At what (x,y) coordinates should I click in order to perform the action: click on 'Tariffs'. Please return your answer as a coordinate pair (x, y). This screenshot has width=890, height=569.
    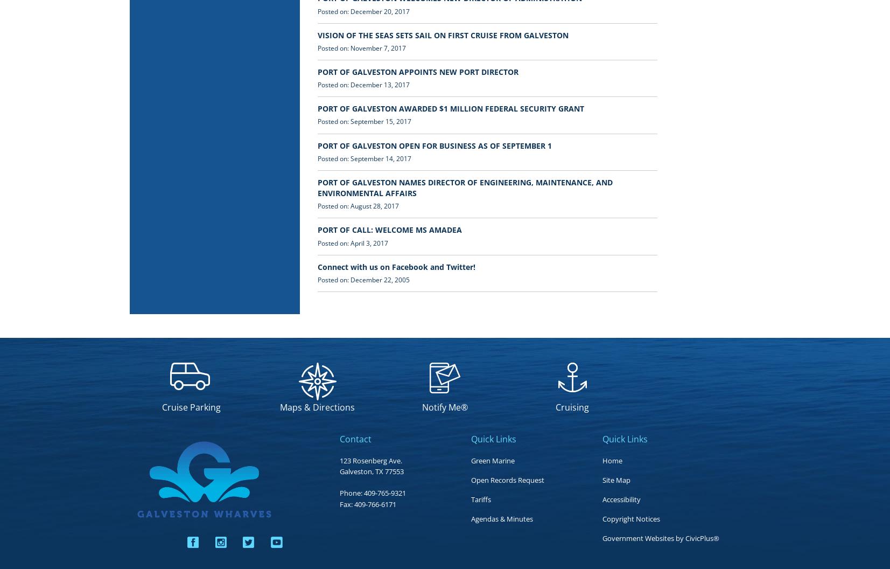
    Looking at the image, I should click on (471, 499).